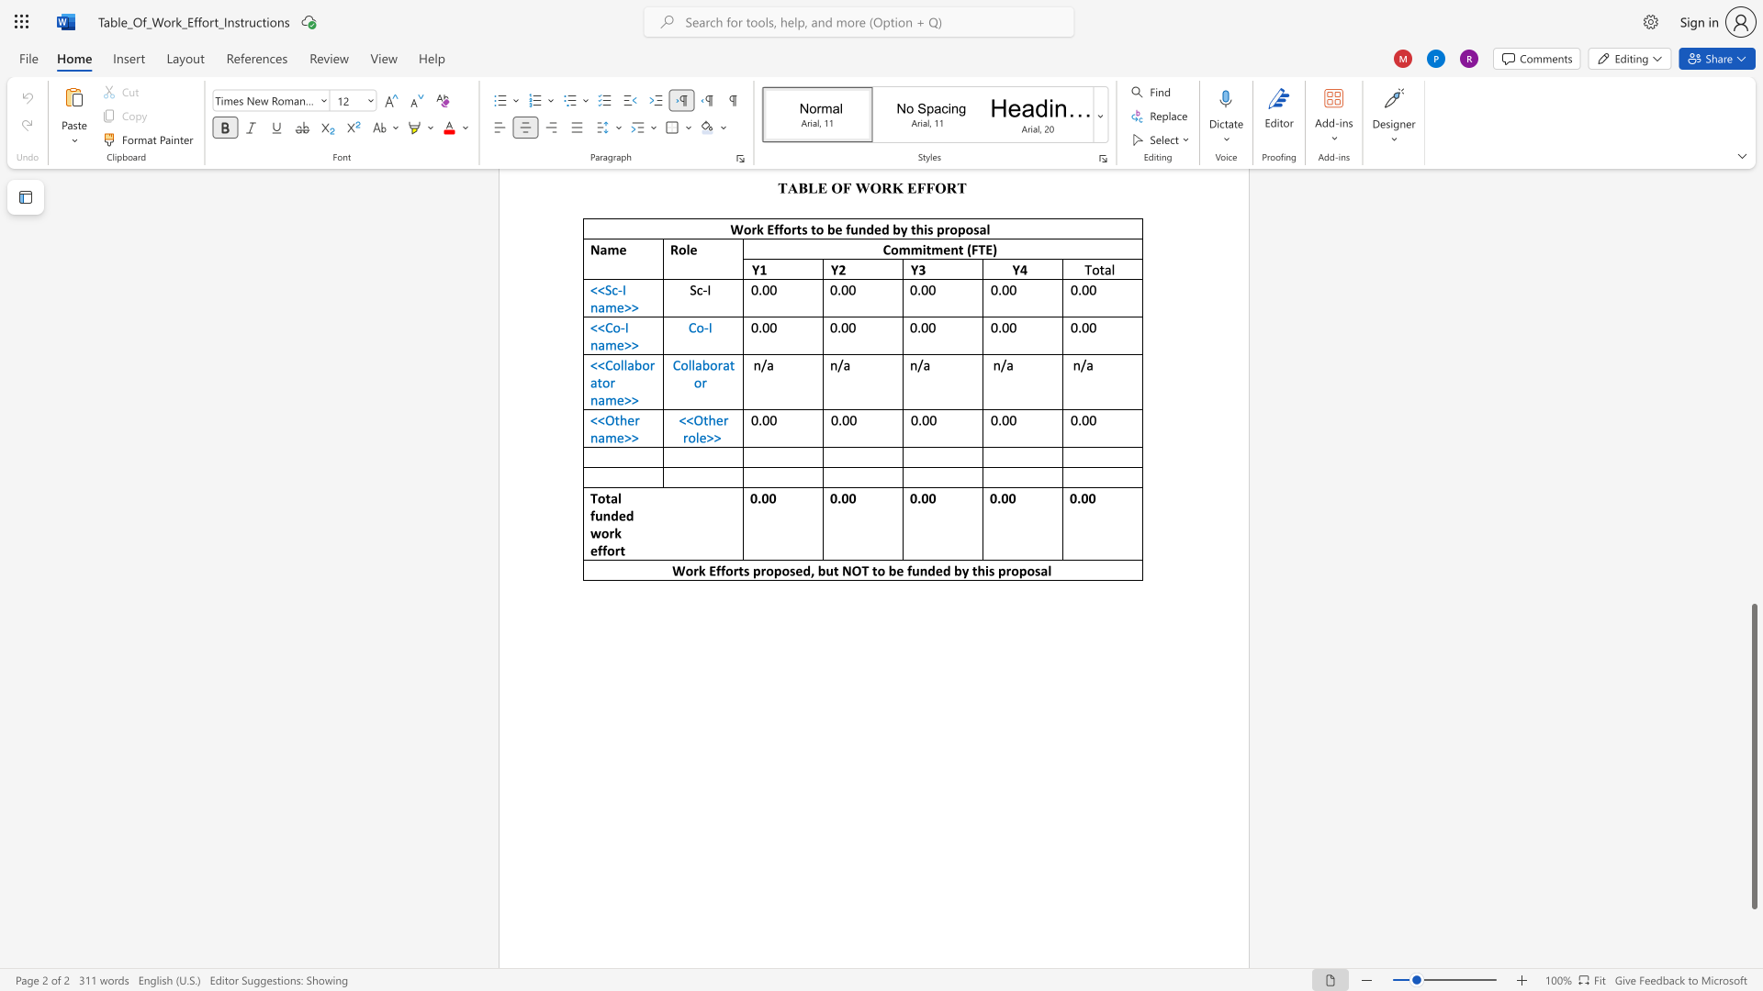 This screenshot has height=991, width=1763. Describe the element at coordinates (1753, 367) in the screenshot. I see `the scrollbar to move the content higher` at that location.